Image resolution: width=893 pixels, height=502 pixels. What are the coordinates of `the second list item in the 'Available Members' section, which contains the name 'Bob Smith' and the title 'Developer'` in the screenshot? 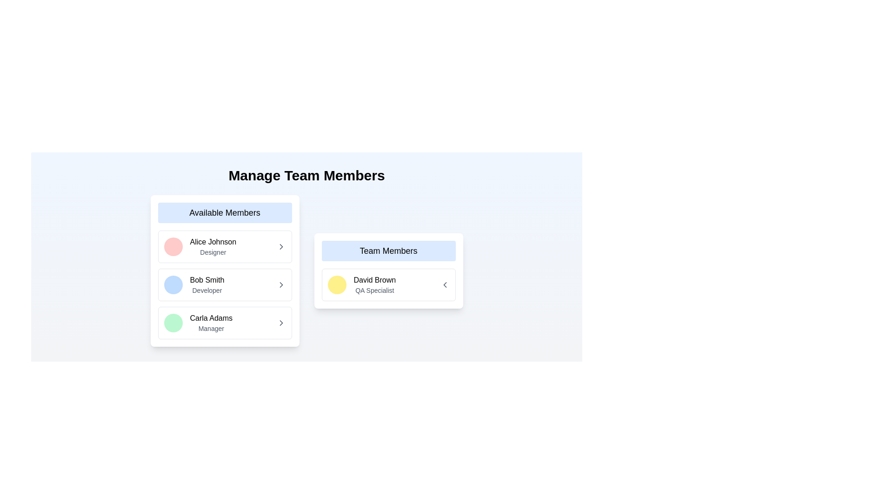 It's located at (225, 284).